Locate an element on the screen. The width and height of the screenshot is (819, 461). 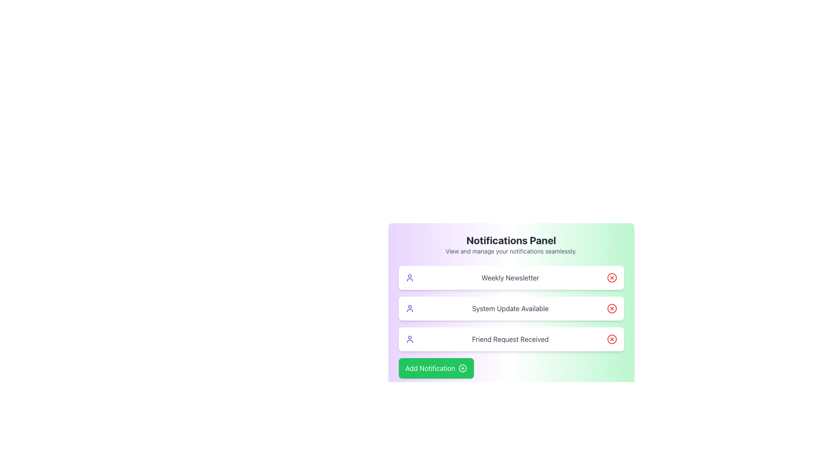
the second notification card indicating 'System Update Available' in the Notifications Panel is located at coordinates (511, 308).